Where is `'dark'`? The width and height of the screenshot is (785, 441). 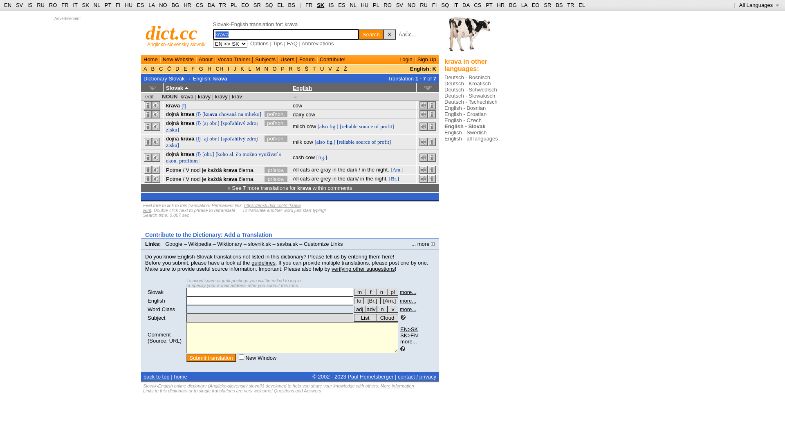
'dark' is located at coordinates (352, 178).